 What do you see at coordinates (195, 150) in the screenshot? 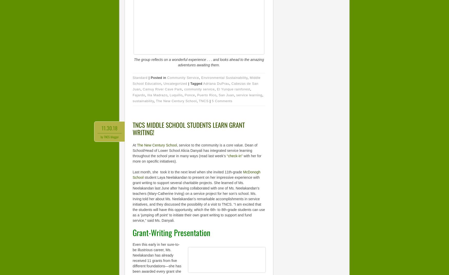
I see `', service to the community is a core value. Dean of School/Head of Lower School Alicia Danyali has integrated service learning throughout the school year in many ways (read last week’s'` at bounding box center [195, 150].